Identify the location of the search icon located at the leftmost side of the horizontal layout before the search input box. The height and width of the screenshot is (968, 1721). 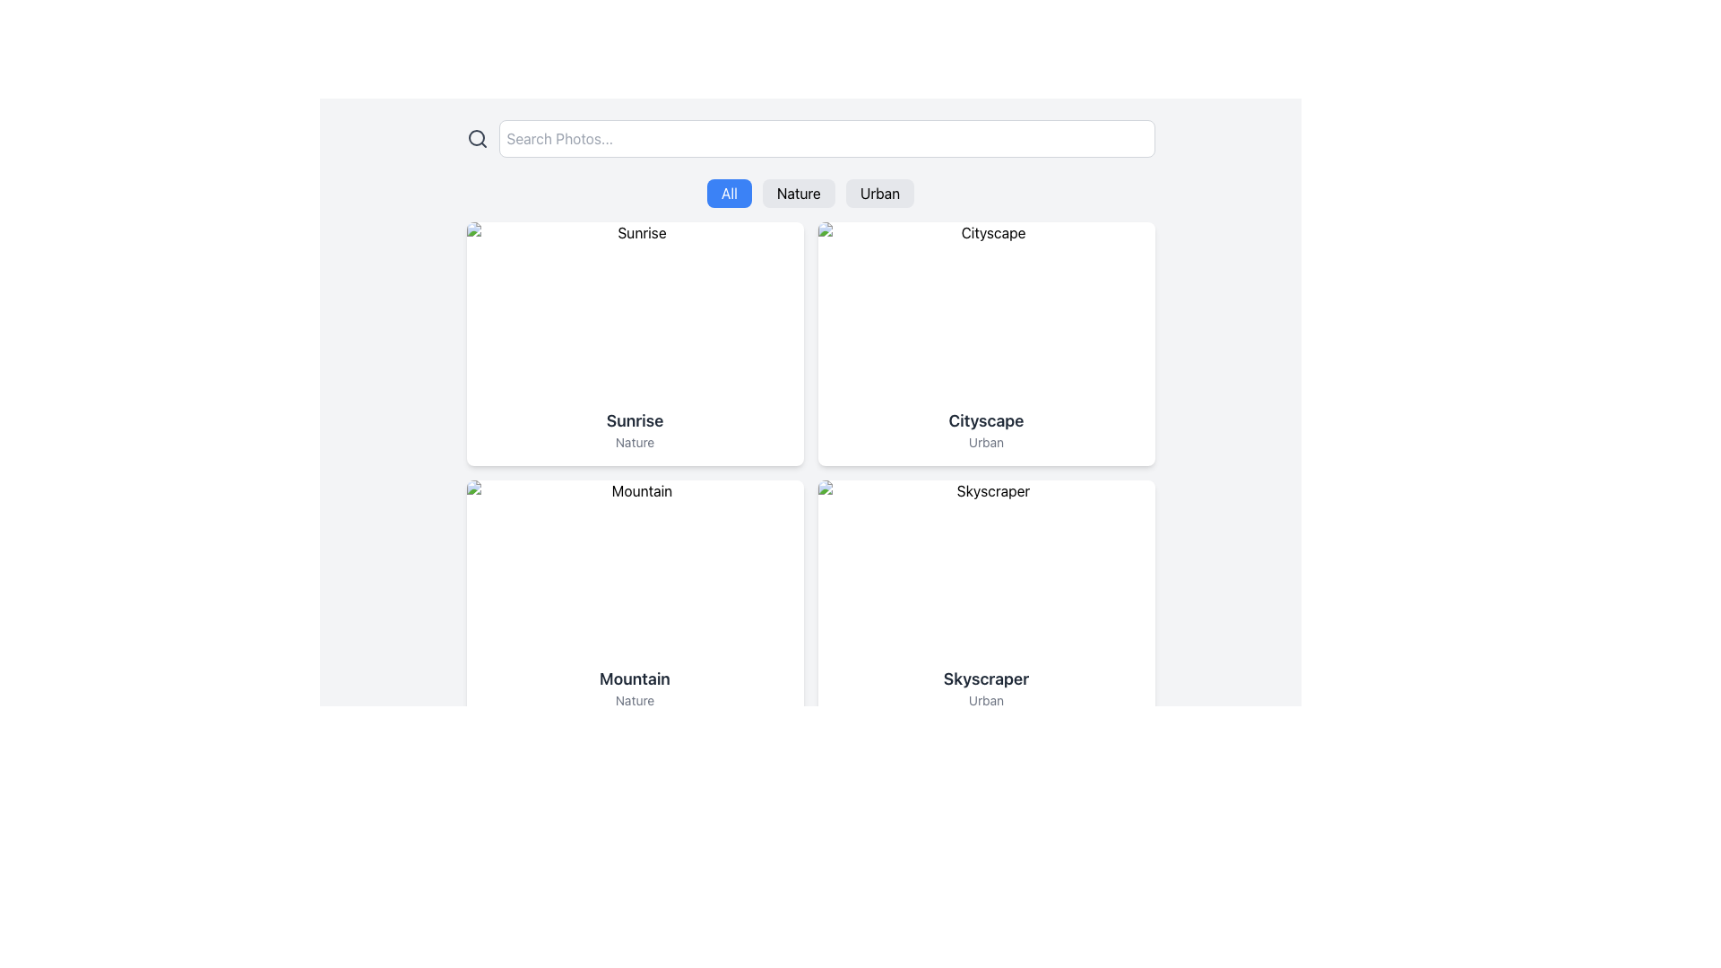
(477, 137).